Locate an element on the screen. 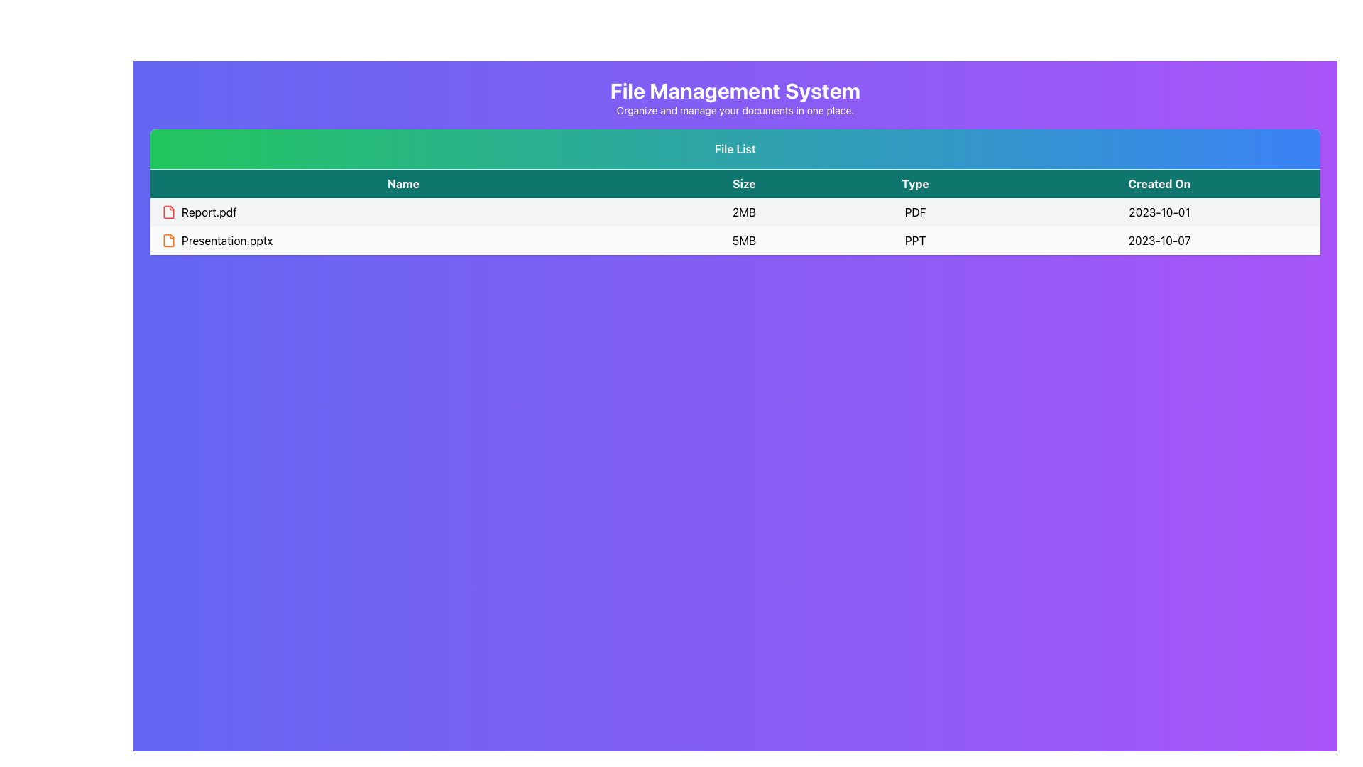  the 'Type' text label in the header row of the table, which is displayed in bold white font on a dark teal background, located in the third column after 'Name' and 'Size' is located at coordinates (915, 183).